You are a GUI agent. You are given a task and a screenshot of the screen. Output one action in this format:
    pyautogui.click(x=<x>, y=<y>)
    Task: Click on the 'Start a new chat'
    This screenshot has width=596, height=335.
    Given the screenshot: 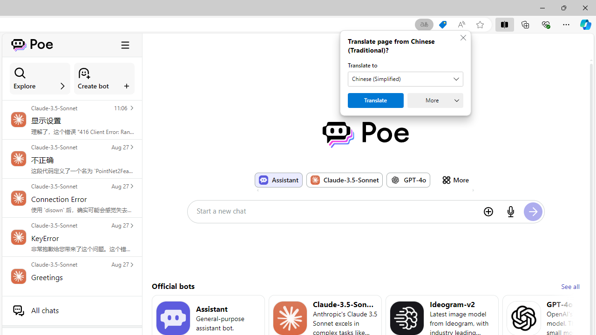 What is the action you would take?
    pyautogui.click(x=335, y=211)
    